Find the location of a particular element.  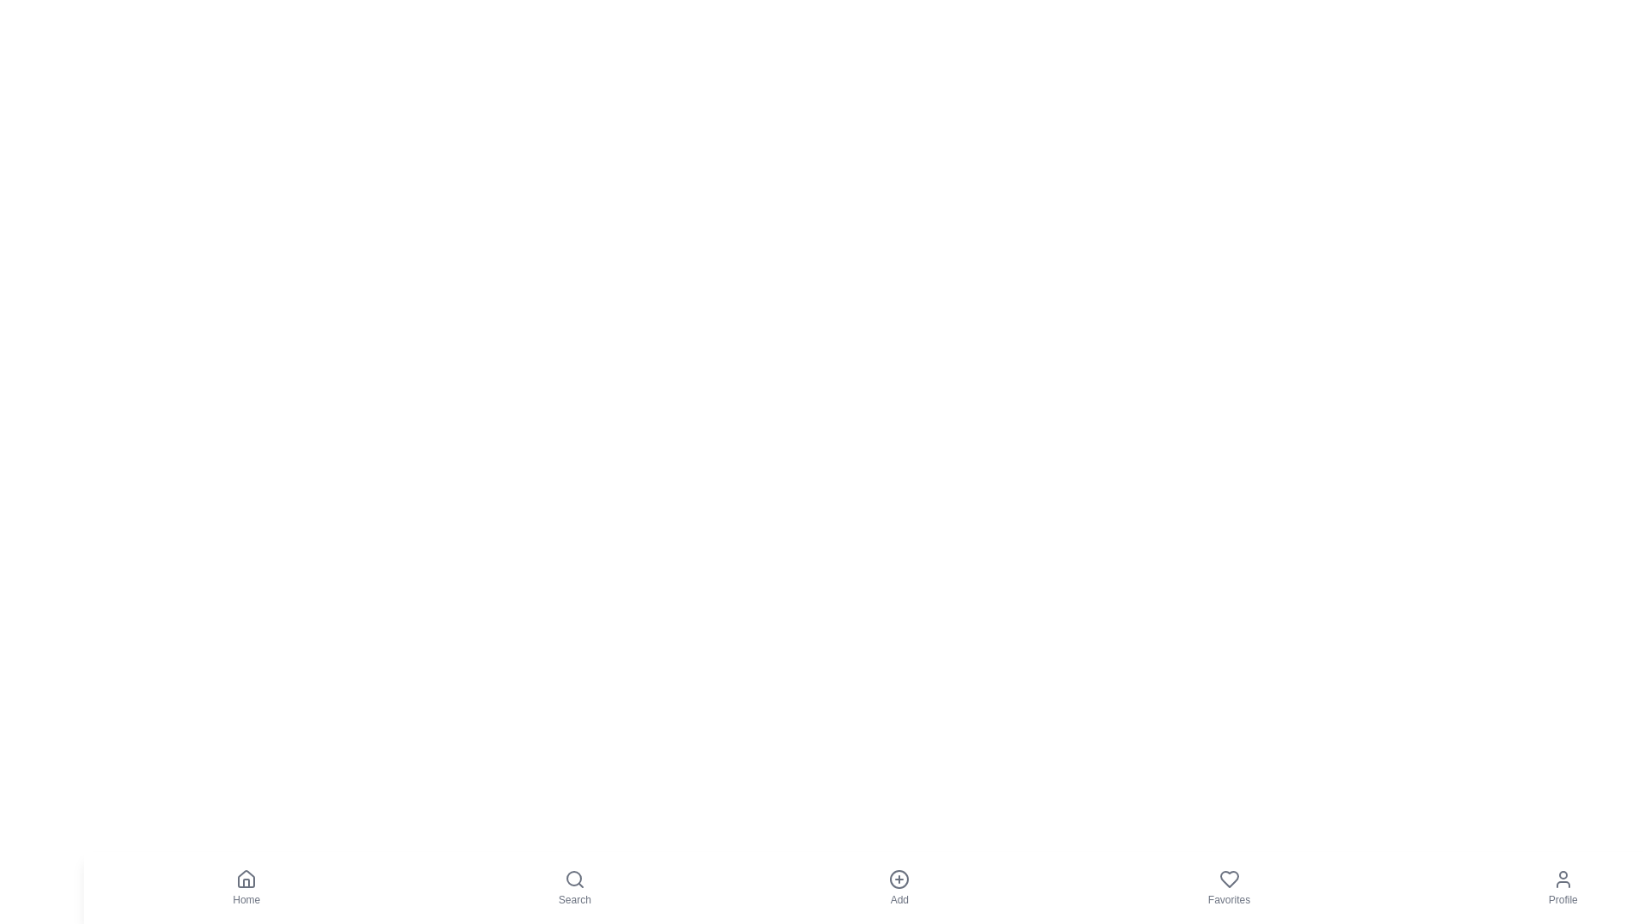

the filled home-like shape within the house icon located in the bottom navigation bar, which is the left-most icon among the navigation icons is located at coordinates (246, 879).